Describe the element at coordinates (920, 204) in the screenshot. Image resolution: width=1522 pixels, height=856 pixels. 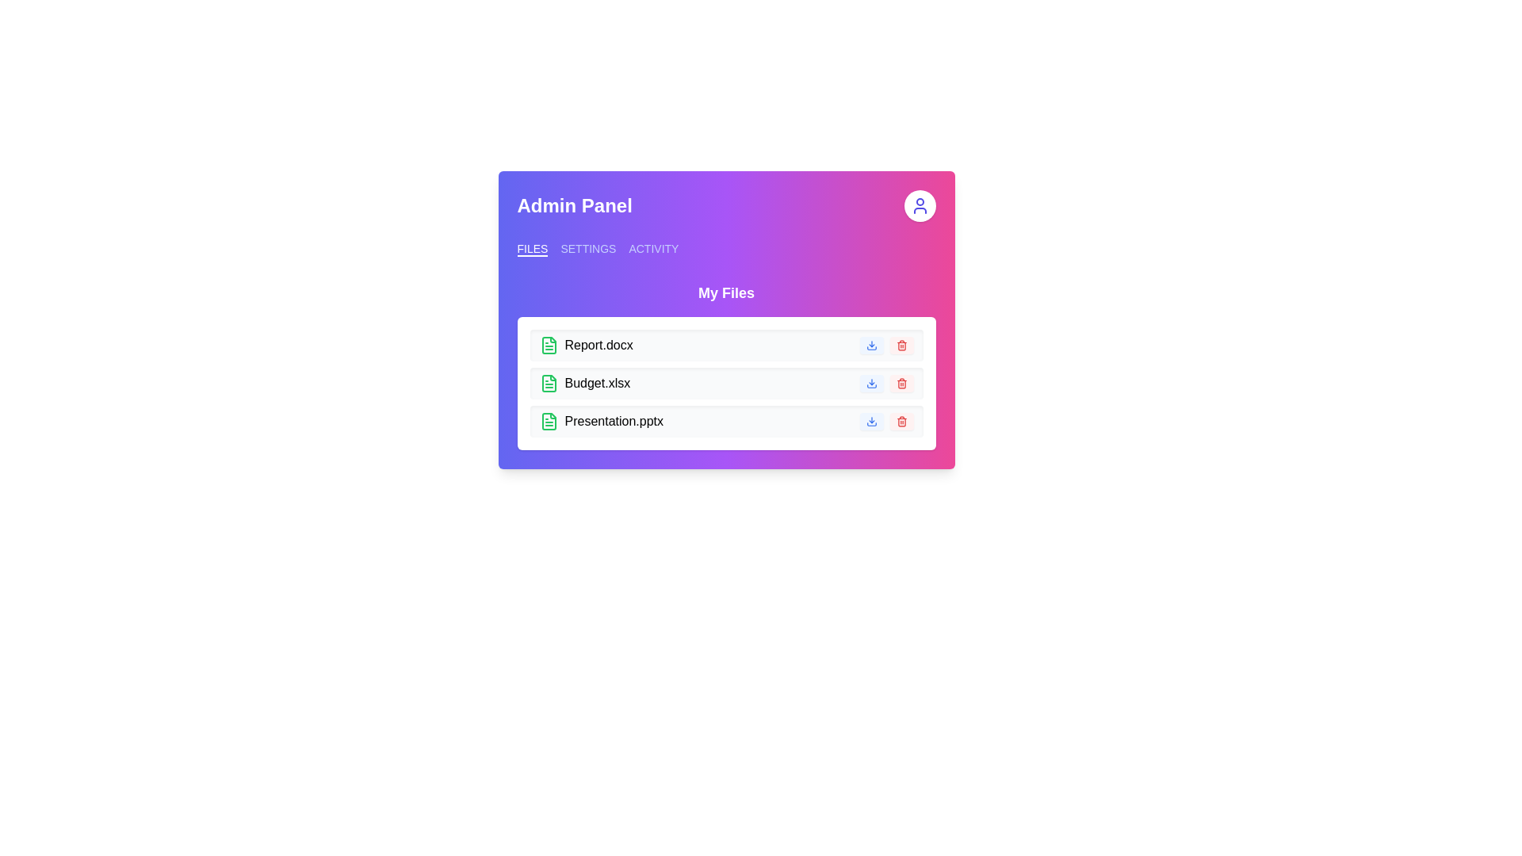
I see `the circular button with a white background and user outline icon in blue, located in the top-right corner of the 'Admin Panel'` at that location.